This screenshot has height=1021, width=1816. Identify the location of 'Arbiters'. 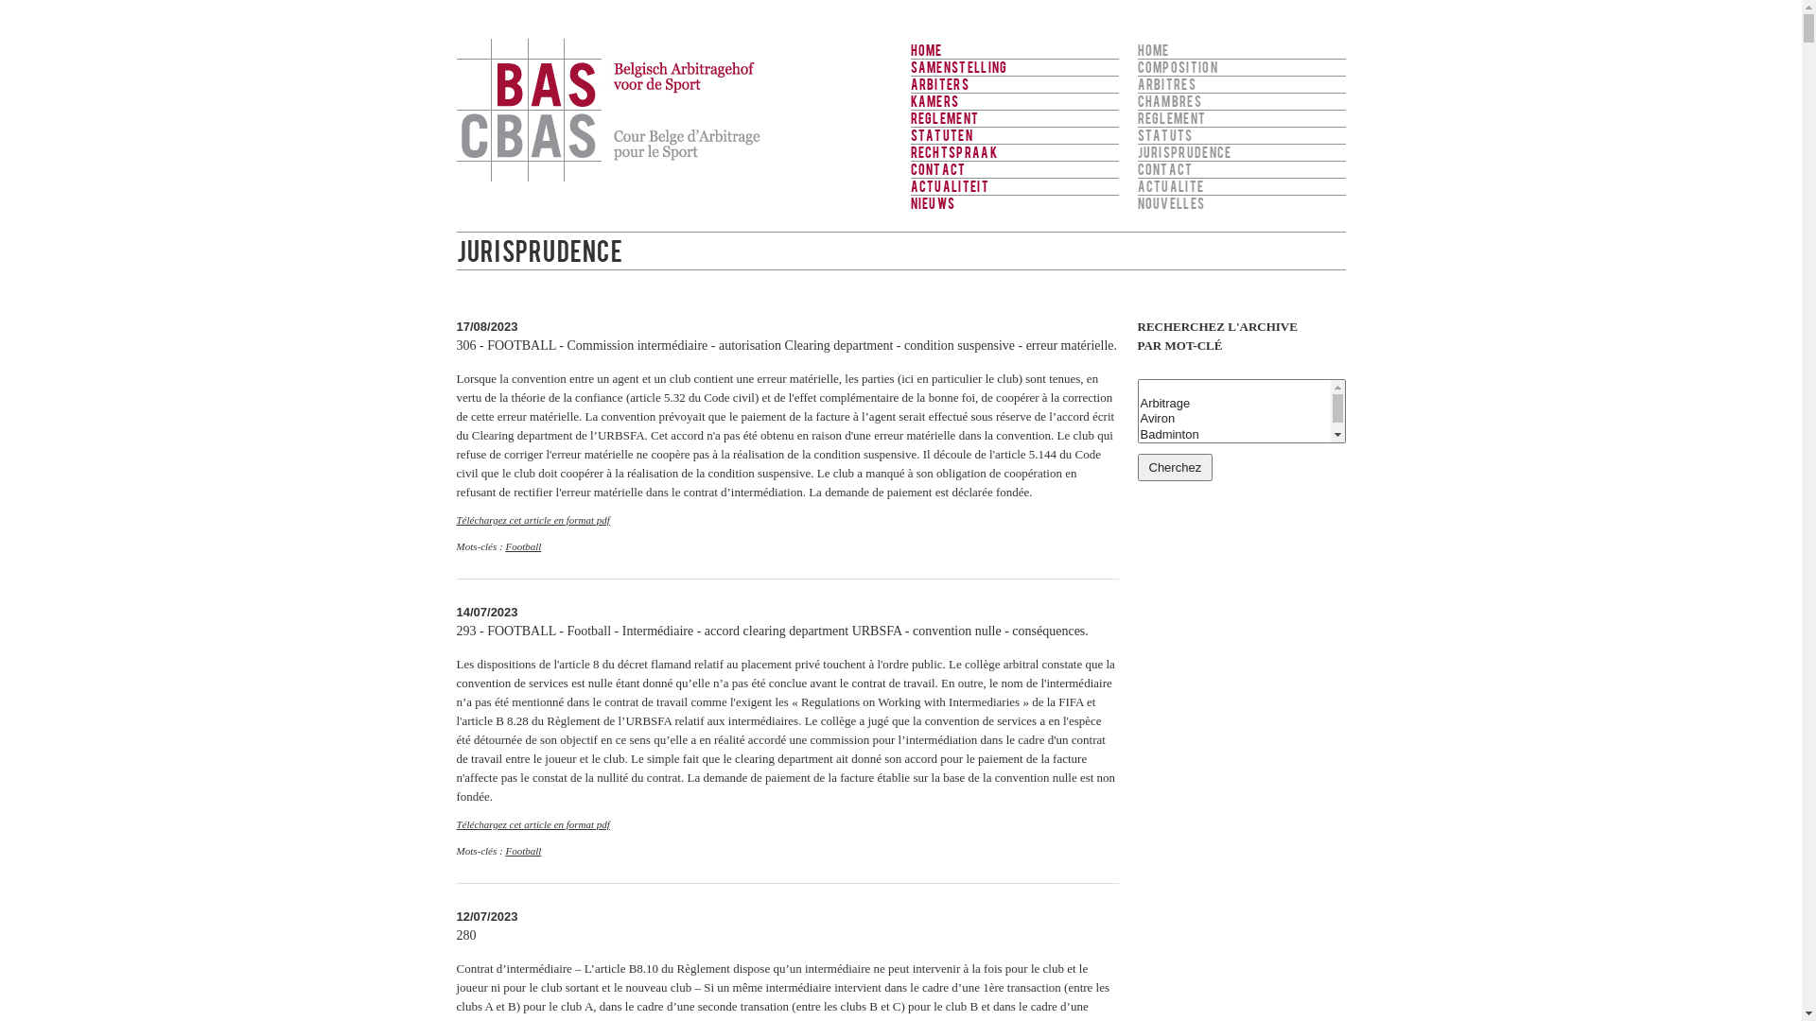
(1012, 82).